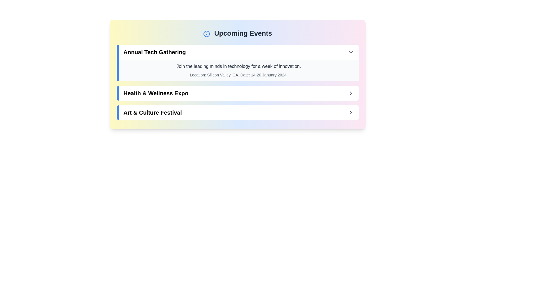  Describe the element at coordinates (206, 34) in the screenshot. I see `the circular graphical element in the header section, which is part of an SVG icon located adjacent to the 'Upcoming Events' text` at that location.